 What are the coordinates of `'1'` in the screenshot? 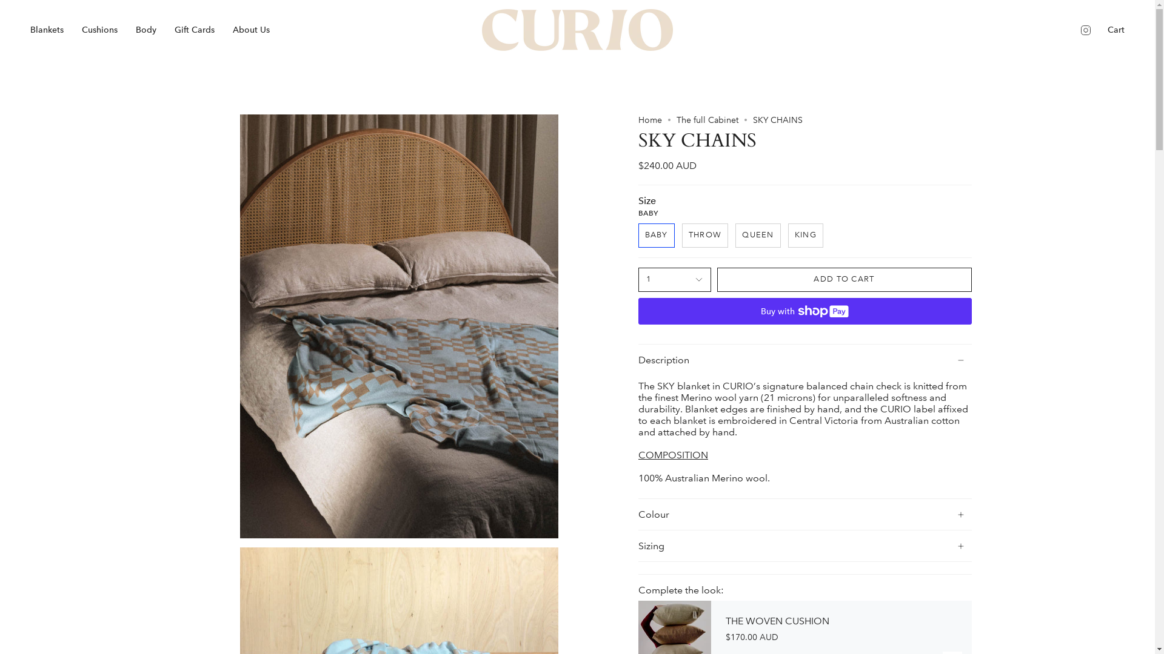 It's located at (637, 280).